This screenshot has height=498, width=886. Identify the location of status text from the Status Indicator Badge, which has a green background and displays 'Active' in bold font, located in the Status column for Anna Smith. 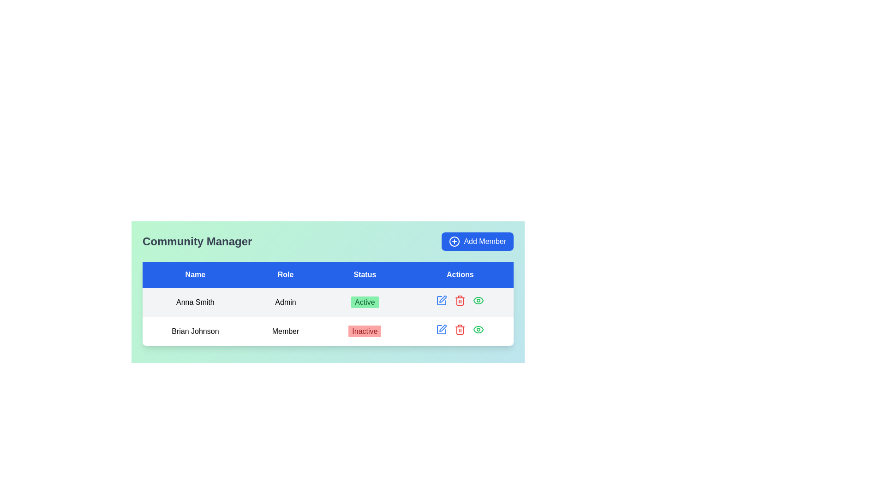
(364, 302).